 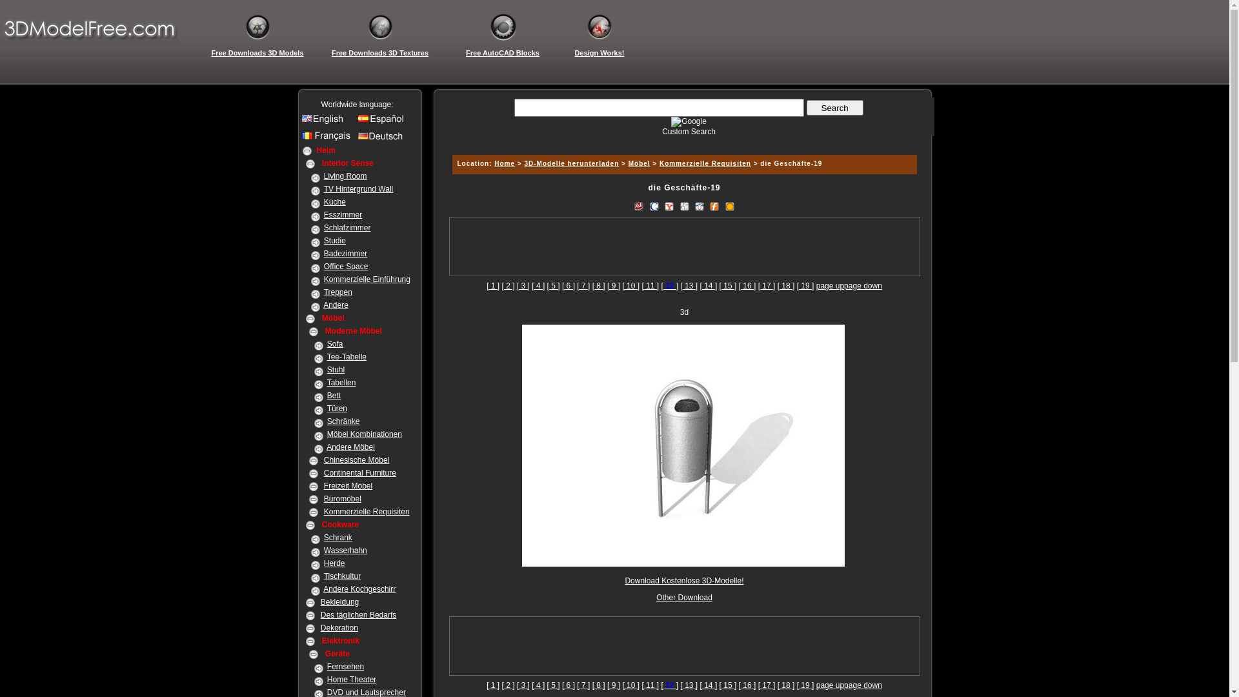 What do you see at coordinates (688, 684) in the screenshot?
I see `'[ 13 ]'` at bounding box center [688, 684].